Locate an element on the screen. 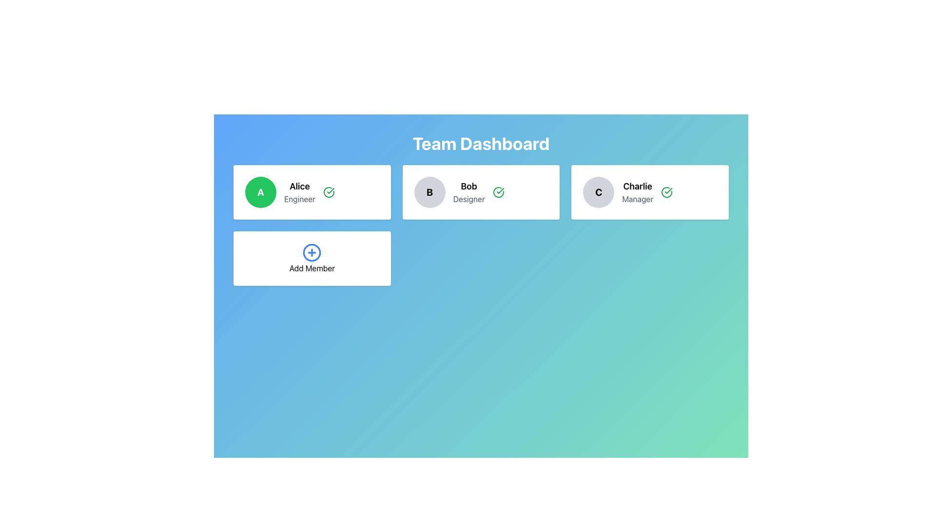 The height and width of the screenshot is (526, 936). the text label displaying 'Alice' in bold font on the left side of the team dashboard card labeled 'A' is located at coordinates (299, 186).